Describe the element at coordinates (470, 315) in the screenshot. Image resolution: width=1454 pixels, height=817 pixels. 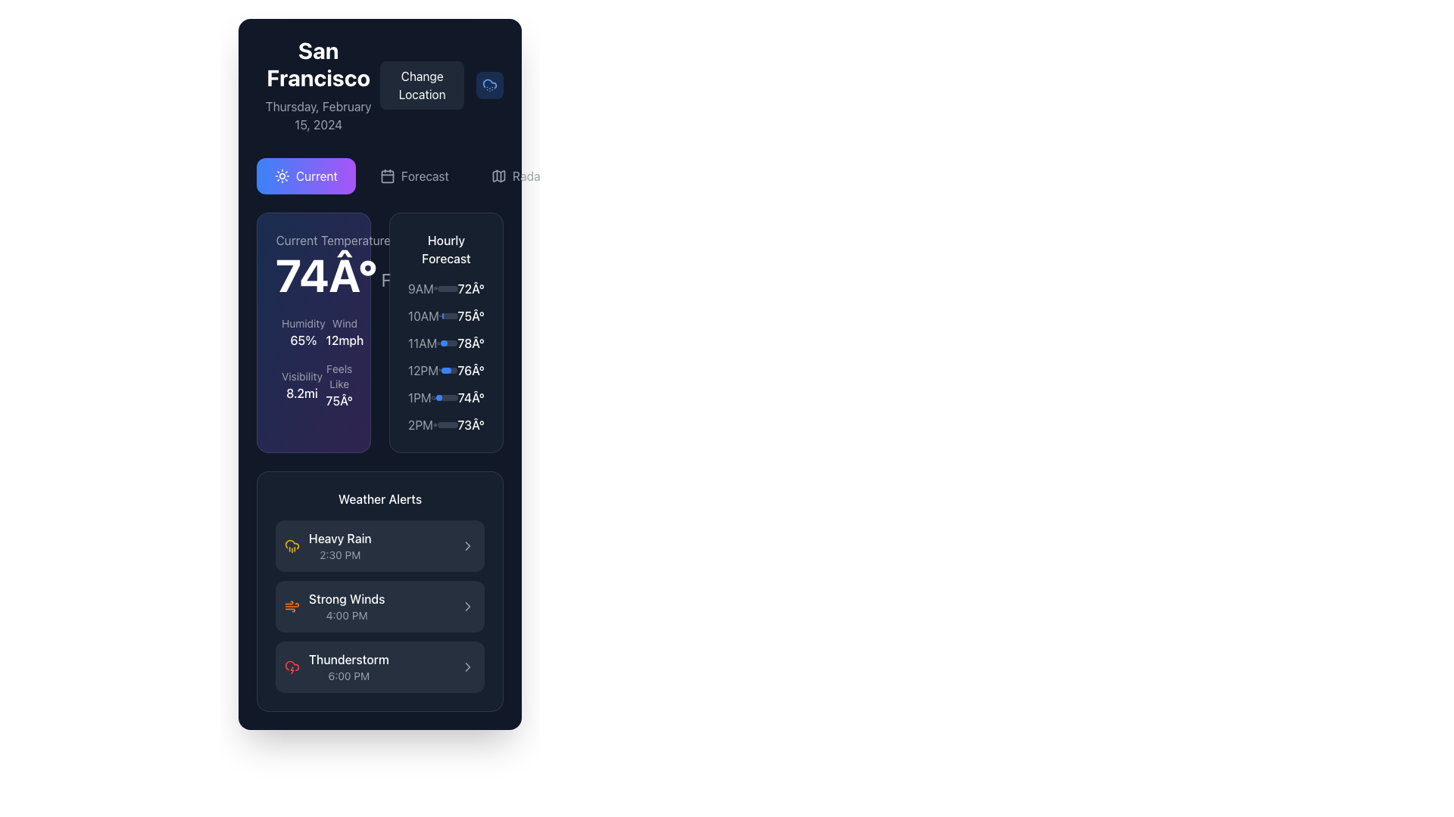
I see `the temperature forecast display for '10AM' which shows the value '75°'` at that location.